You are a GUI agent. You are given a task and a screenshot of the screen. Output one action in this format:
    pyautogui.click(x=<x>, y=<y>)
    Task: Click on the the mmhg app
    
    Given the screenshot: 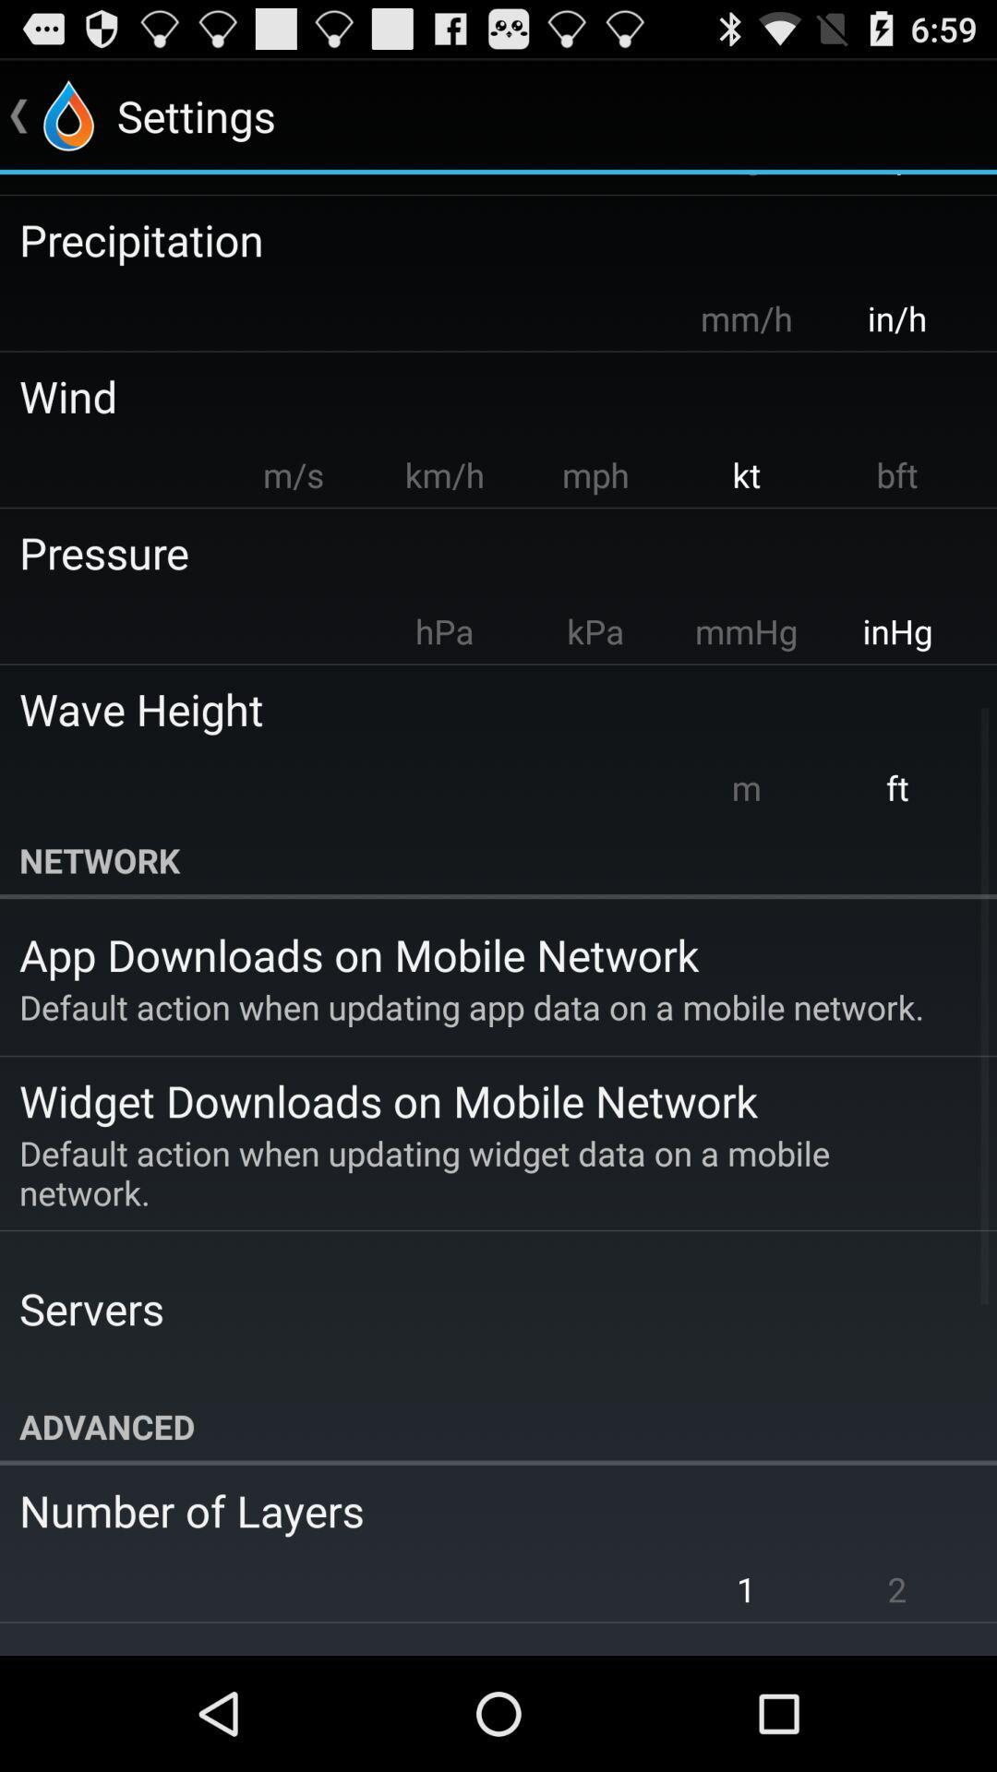 What is the action you would take?
    pyautogui.click(x=745, y=631)
    